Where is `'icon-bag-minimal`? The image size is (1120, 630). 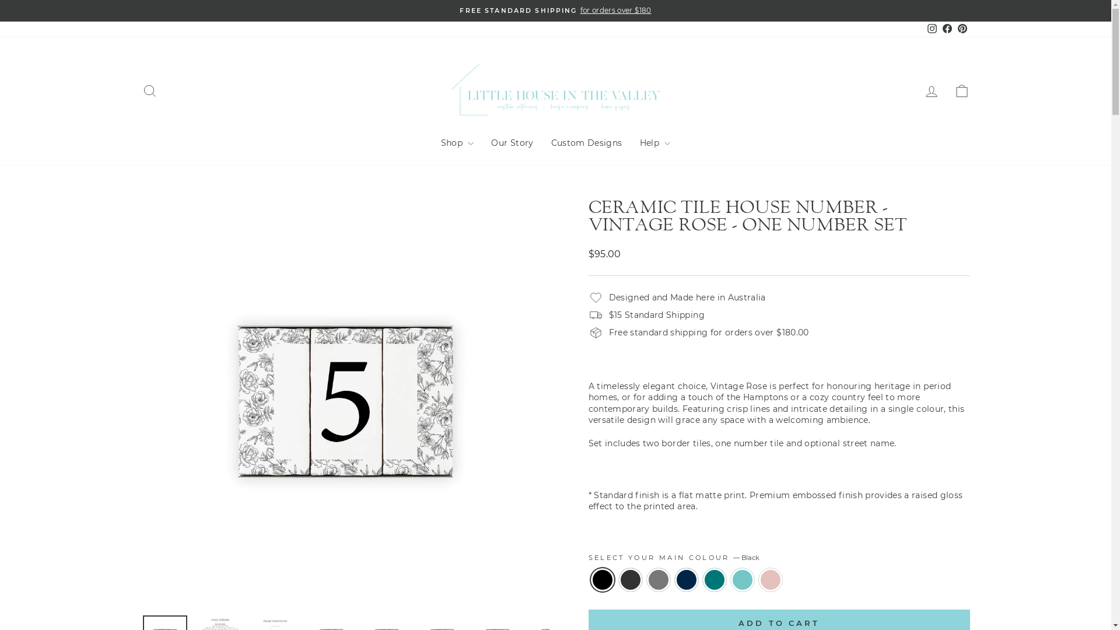
'icon-bag-minimal is located at coordinates (961, 90).